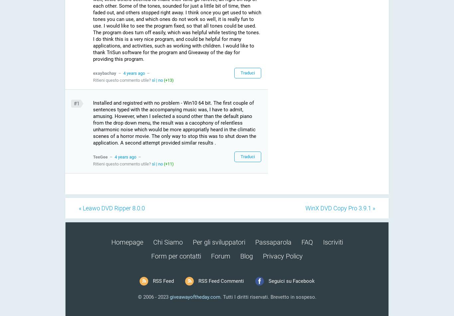 The image size is (454, 316). What do you see at coordinates (211, 256) in the screenshot?
I see `'Forum'` at bounding box center [211, 256].